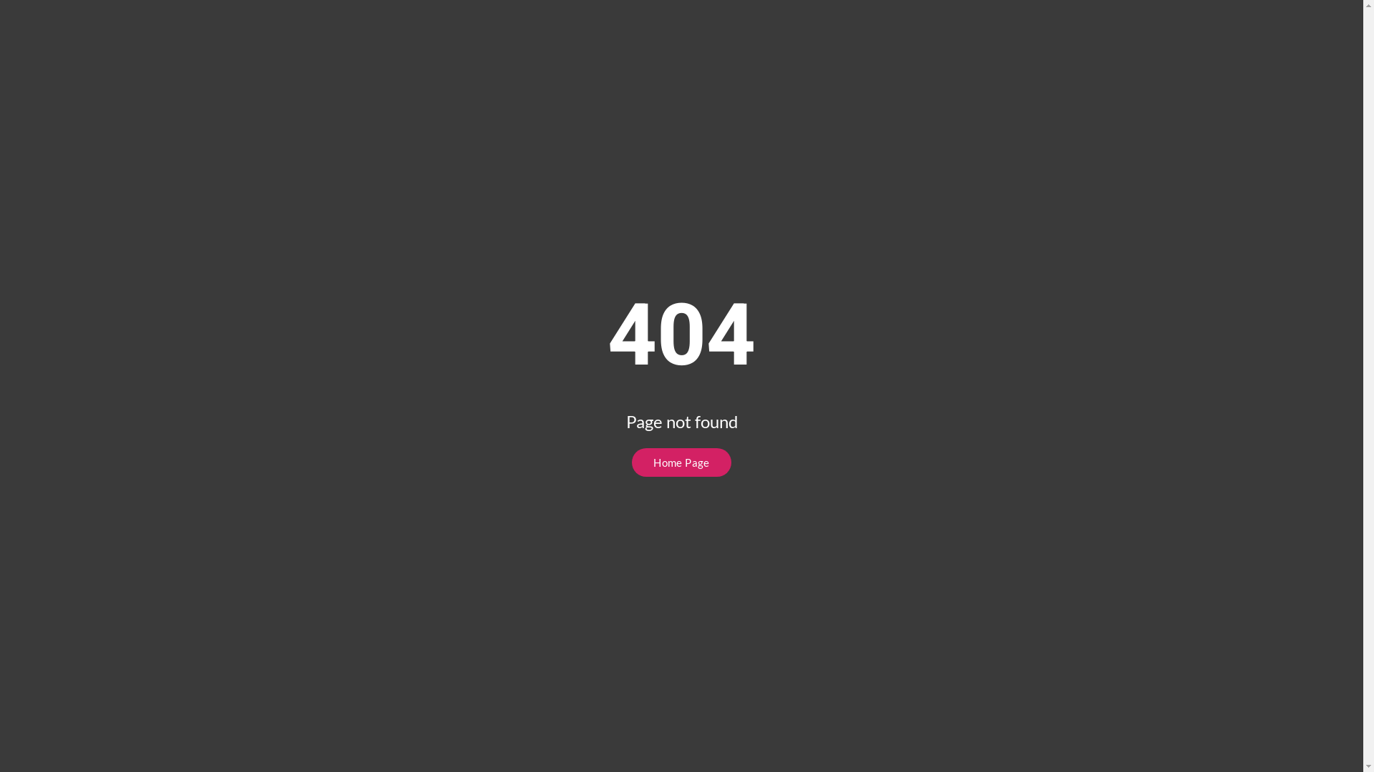 The image size is (1374, 772). What do you see at coordinates (681, 462) in the screenshot?
I see `'Home Page'` at bounding box center [681, 462].